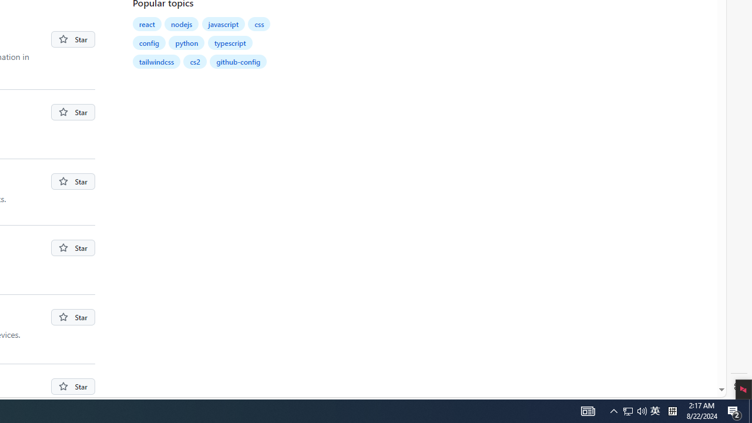 Image resolution: width=752 pixels, height=423 pixels. I want to click on 'tailwindcss', so click(156, 62).